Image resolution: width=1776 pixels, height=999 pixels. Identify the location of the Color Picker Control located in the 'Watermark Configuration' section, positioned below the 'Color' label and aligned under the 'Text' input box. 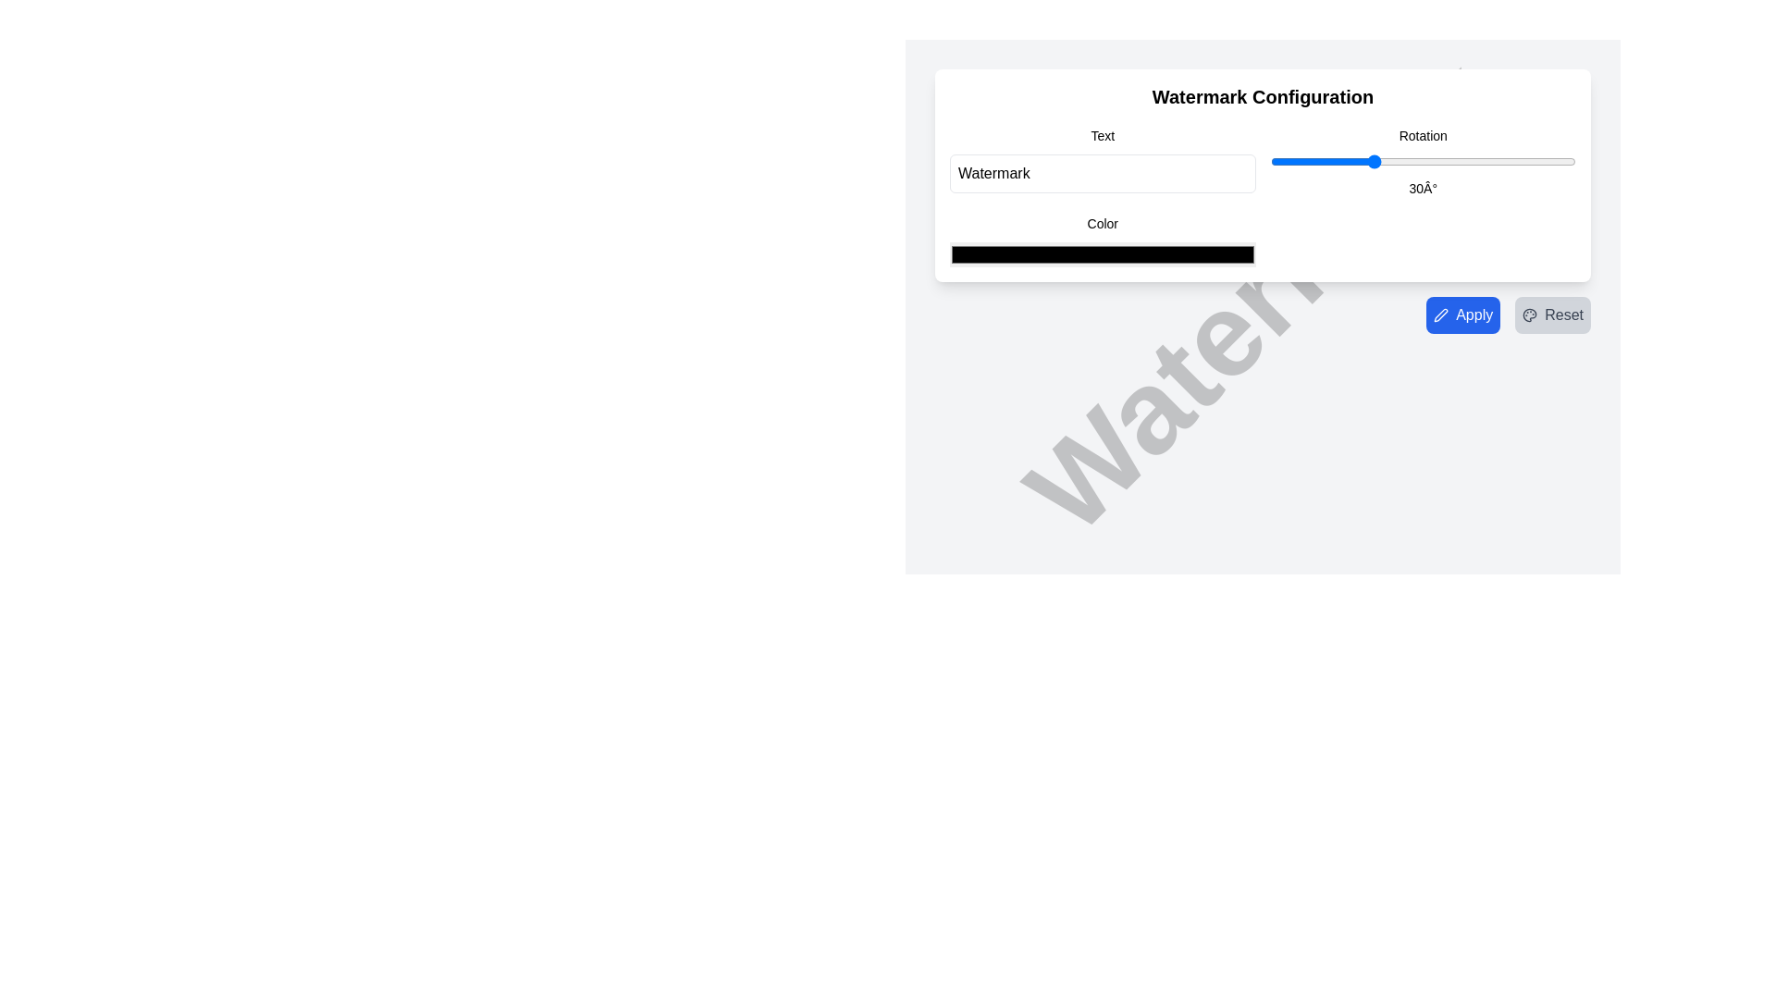
(1103, 239).